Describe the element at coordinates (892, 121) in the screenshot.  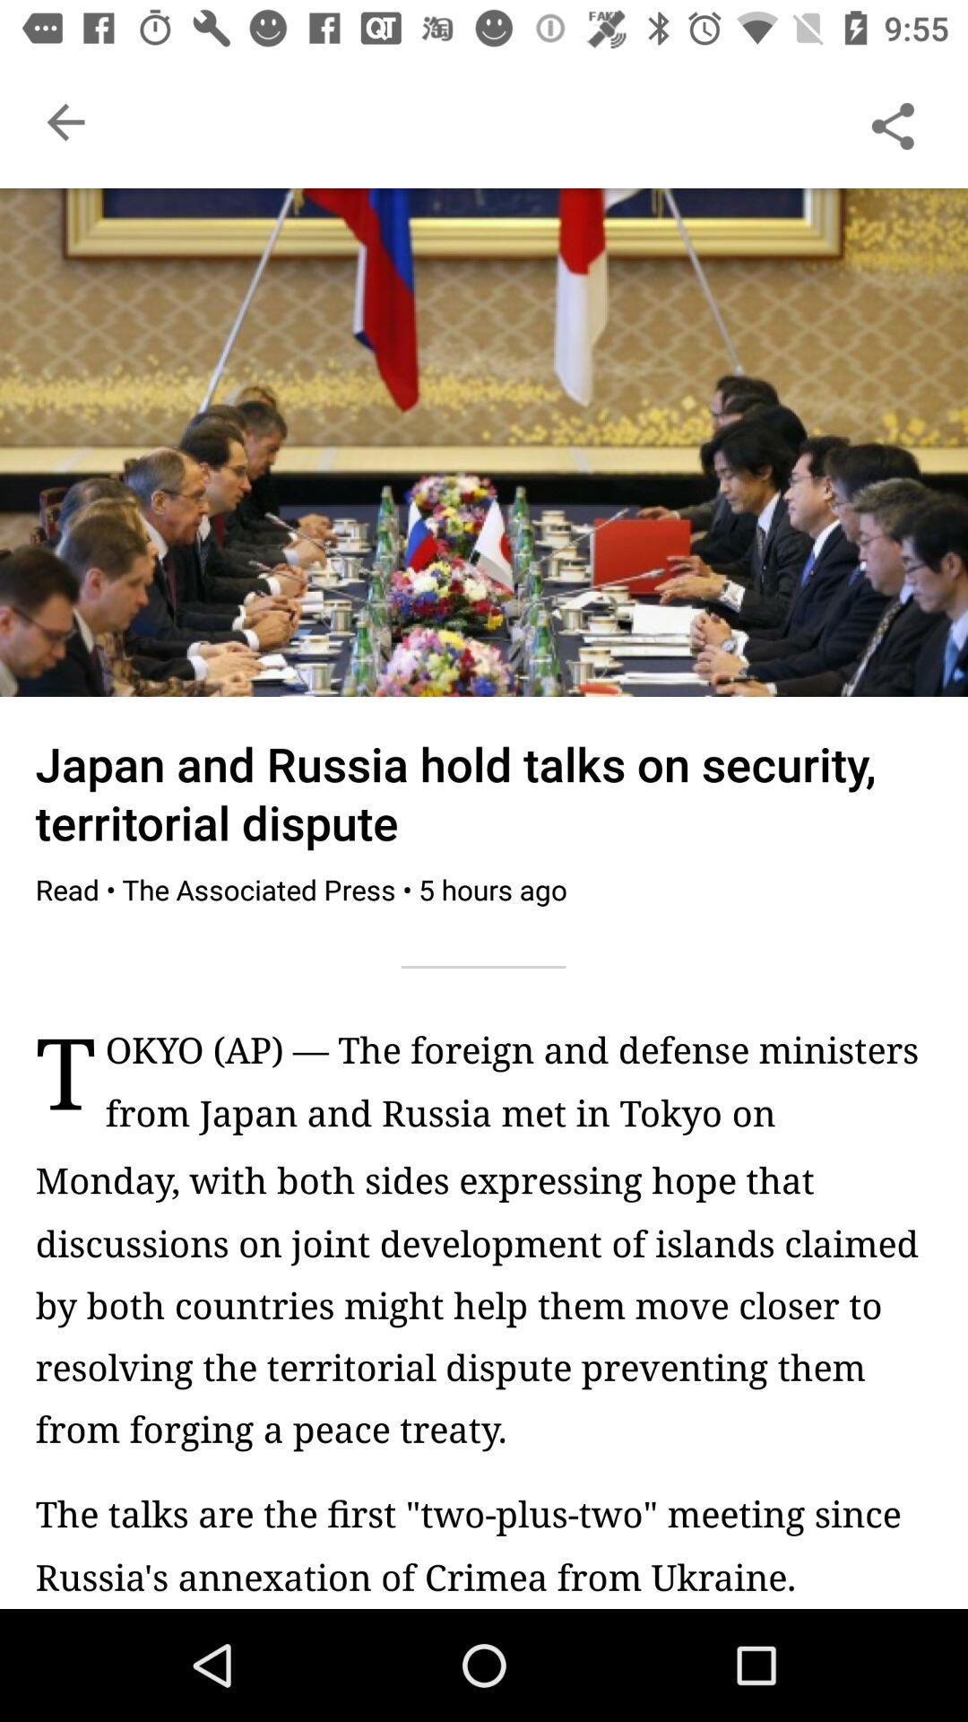
I see `share option` at that location.